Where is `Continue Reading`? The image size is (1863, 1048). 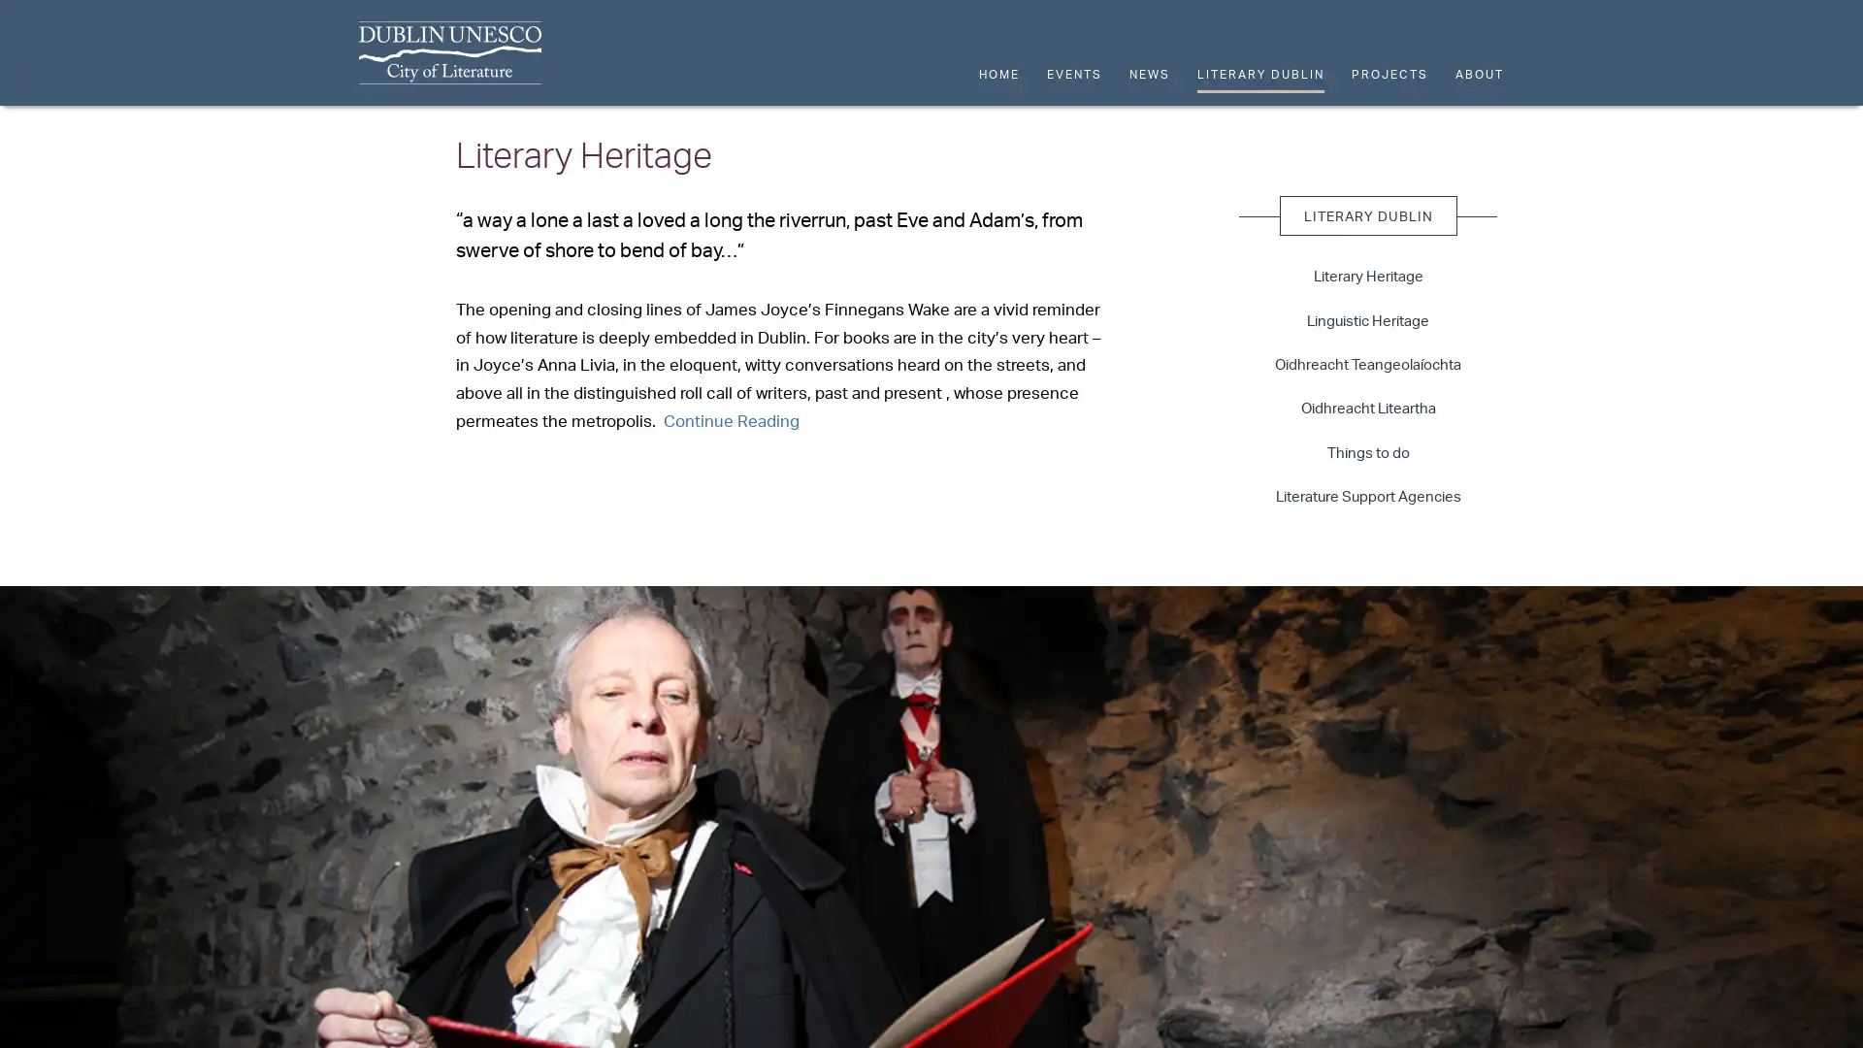
Continue Reading is located at coordinates (730, 418).